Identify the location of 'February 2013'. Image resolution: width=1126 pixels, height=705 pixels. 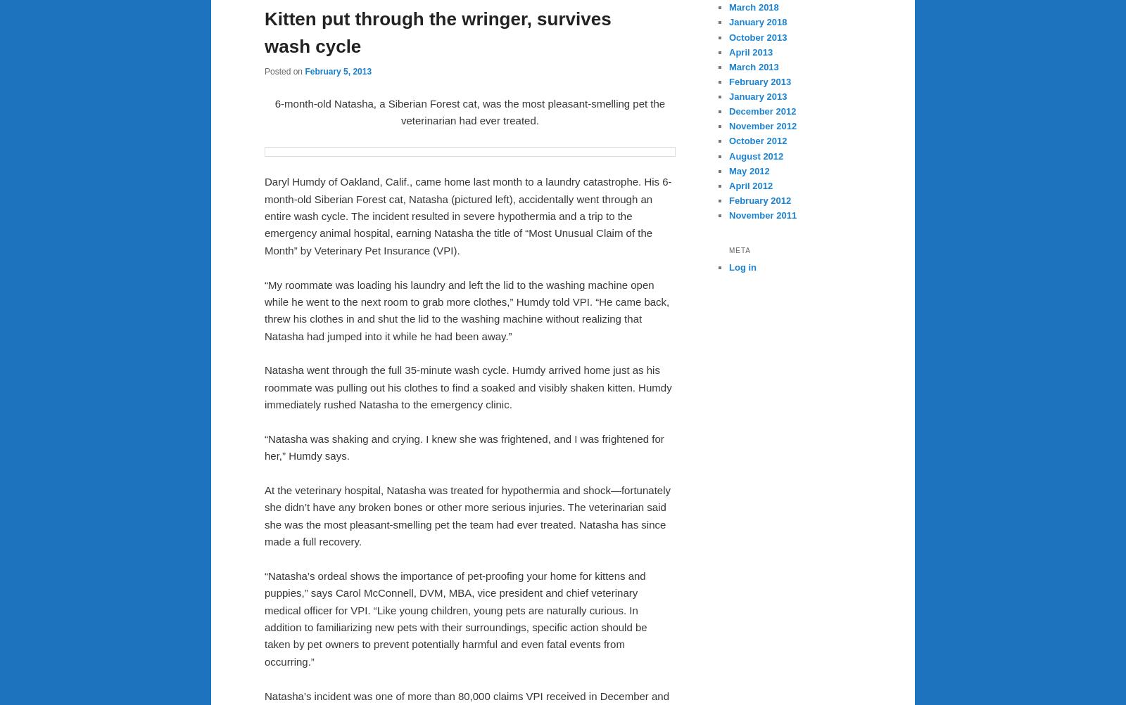
(729, 80).